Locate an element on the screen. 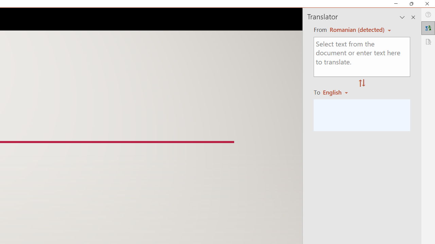 This screenshot has width=435, height=244. 'Help' is located at coordinates (428, 15).